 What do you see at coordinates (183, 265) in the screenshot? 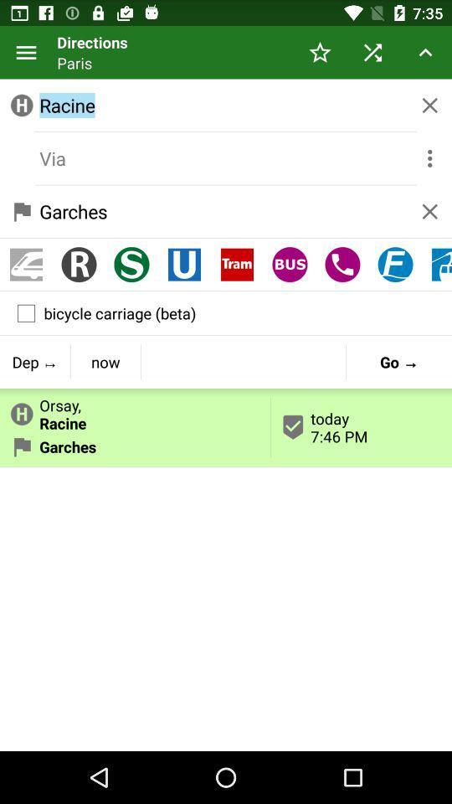
I see `the checkbox above the bicycle carriage (beta) checkbox` at bounding box center [183, 265].